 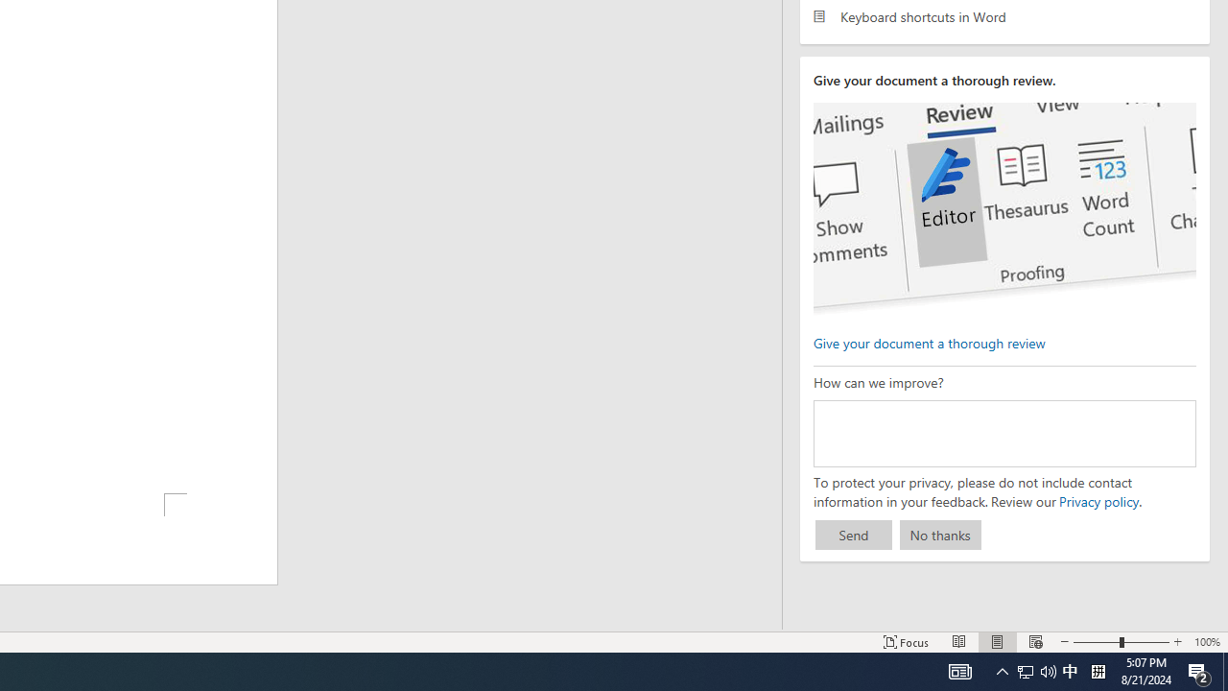 I want to click on 'No thanks', so click(x=940, y=535).